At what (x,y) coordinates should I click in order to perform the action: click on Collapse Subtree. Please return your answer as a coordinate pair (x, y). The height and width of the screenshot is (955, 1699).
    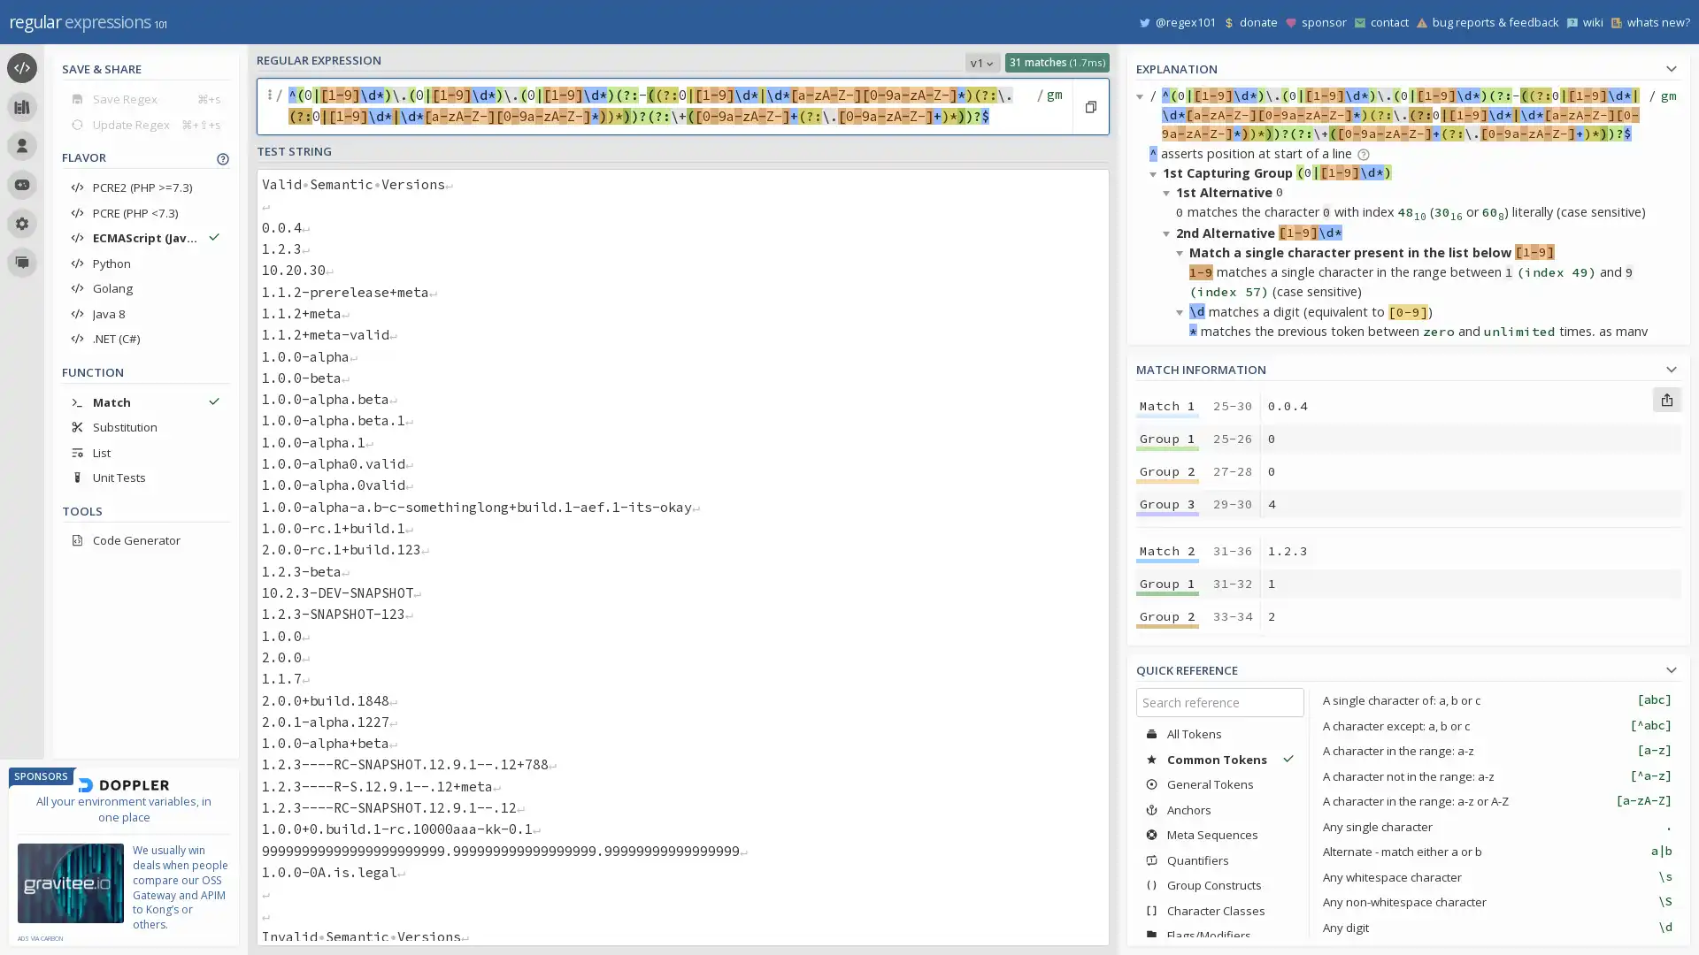
    Looking at the image, I should click on (1182, 470).